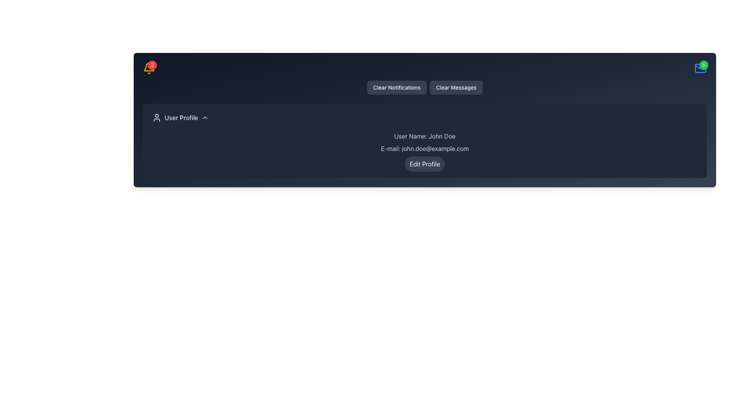 The image size is (742, 417). What do you see at coordinates (152, 65) in the screenshot?
I see `the notifications represented by the small circular red badge with the numeral '3' overlaying the bell icon in the top-right area of the header` at bounding box center [152, 65].